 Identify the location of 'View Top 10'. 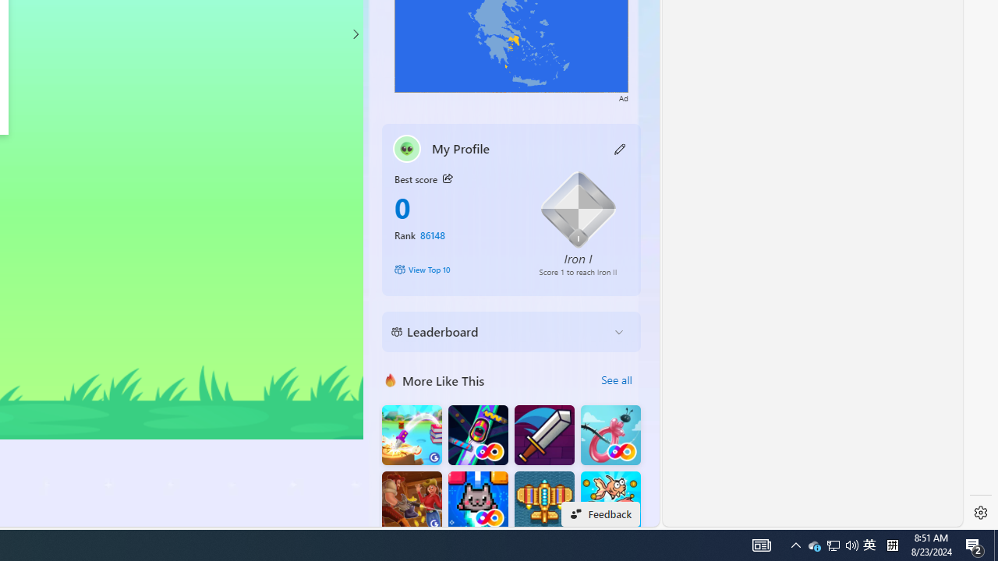
(455, 268).